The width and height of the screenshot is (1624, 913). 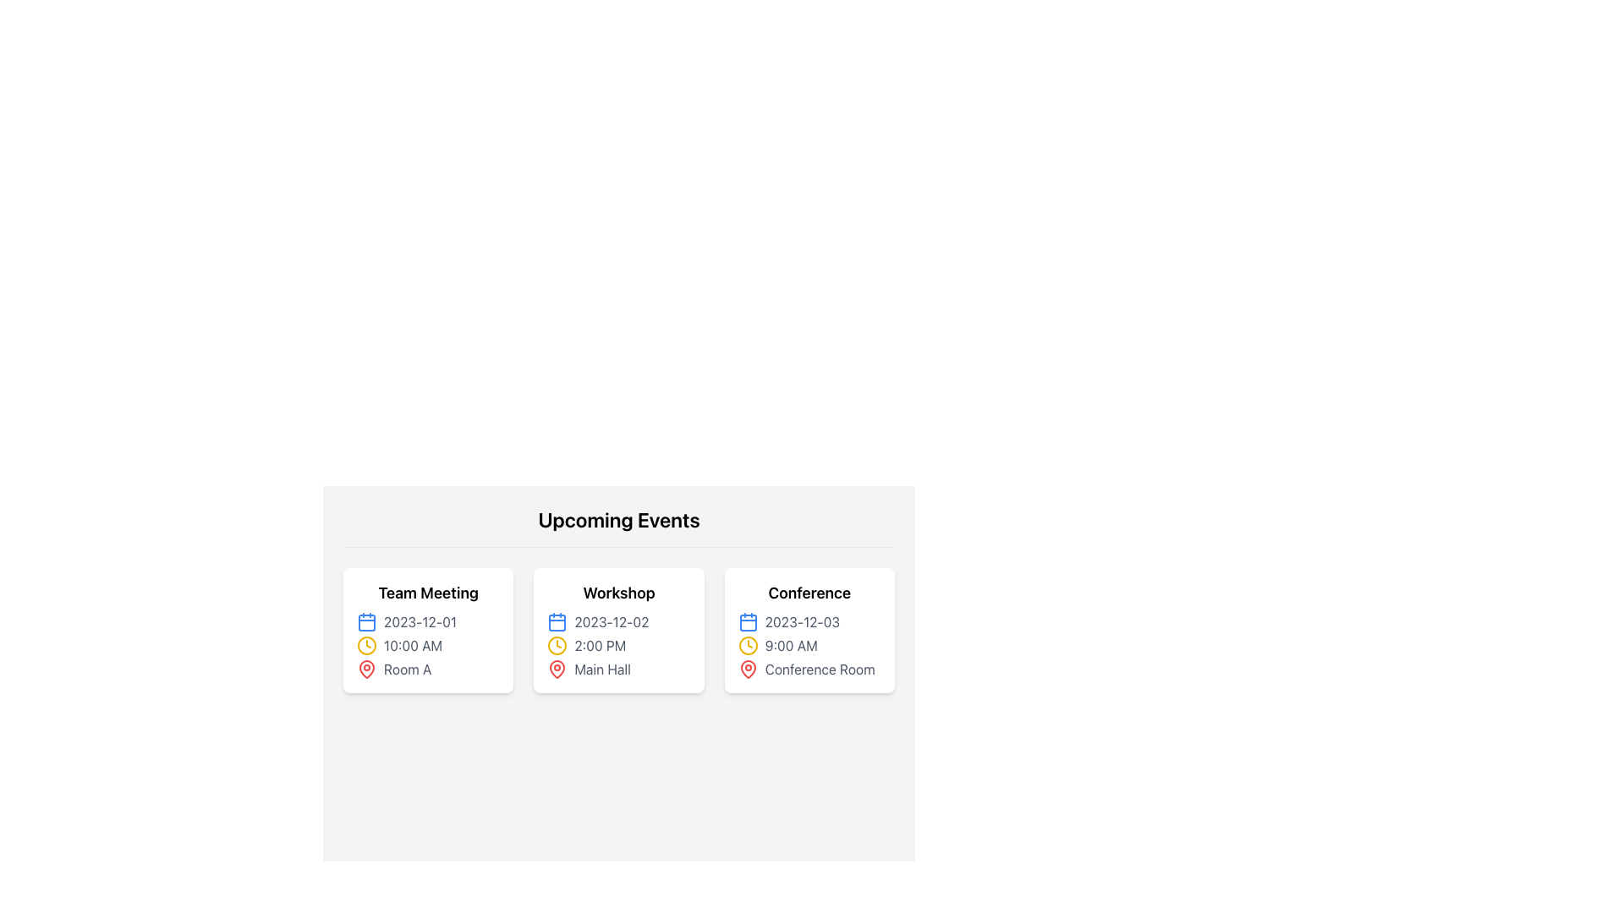 What do you see at coordinates (365, 622) in the screenshot?
I see `the date icon located to the left of the text '2023-12-01' in the 'Upcoming Events' section, which is part of the 'Team Meeting' event card` at bounding box center [365, 622].